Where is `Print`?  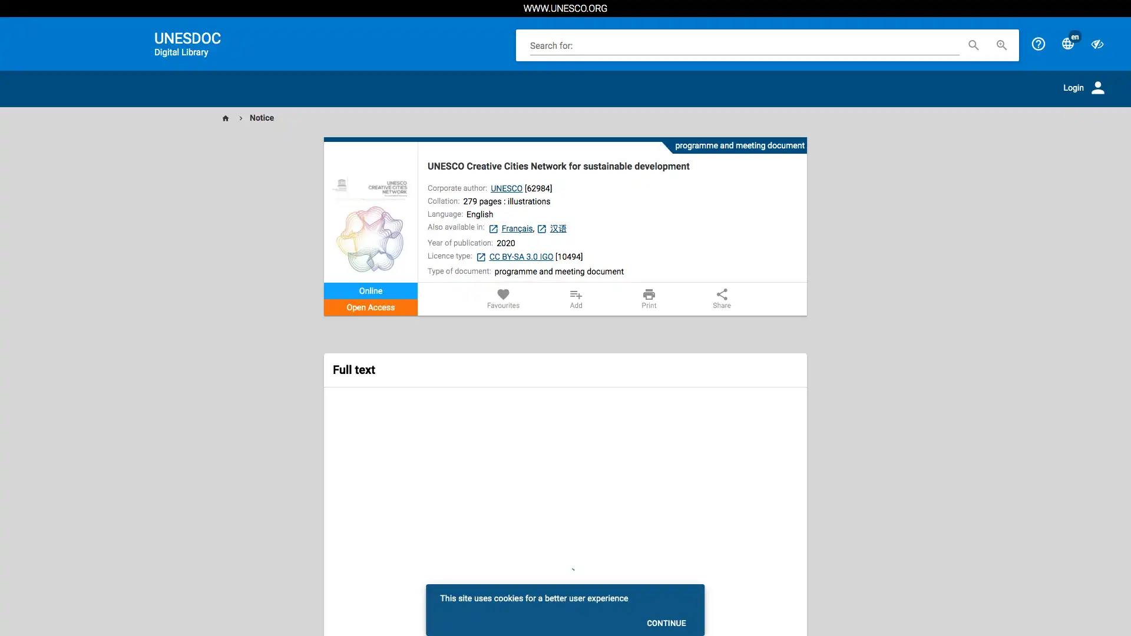
Print is located at coordinates (648, 299).